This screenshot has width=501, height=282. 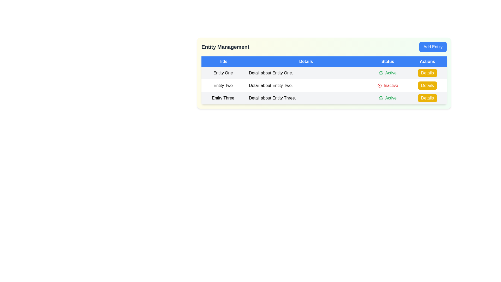 I want to click on text content of the Text label displaying 'Entity Three' which is formatted as a title in the third row of the table under the 'Title' column, so click(x=223, y=98).